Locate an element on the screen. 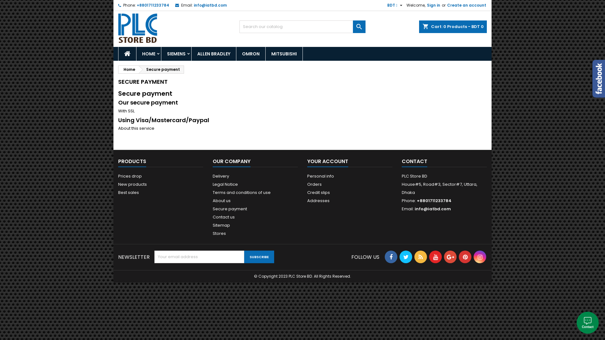  'OMRON' is located at coordinates (251, 53).